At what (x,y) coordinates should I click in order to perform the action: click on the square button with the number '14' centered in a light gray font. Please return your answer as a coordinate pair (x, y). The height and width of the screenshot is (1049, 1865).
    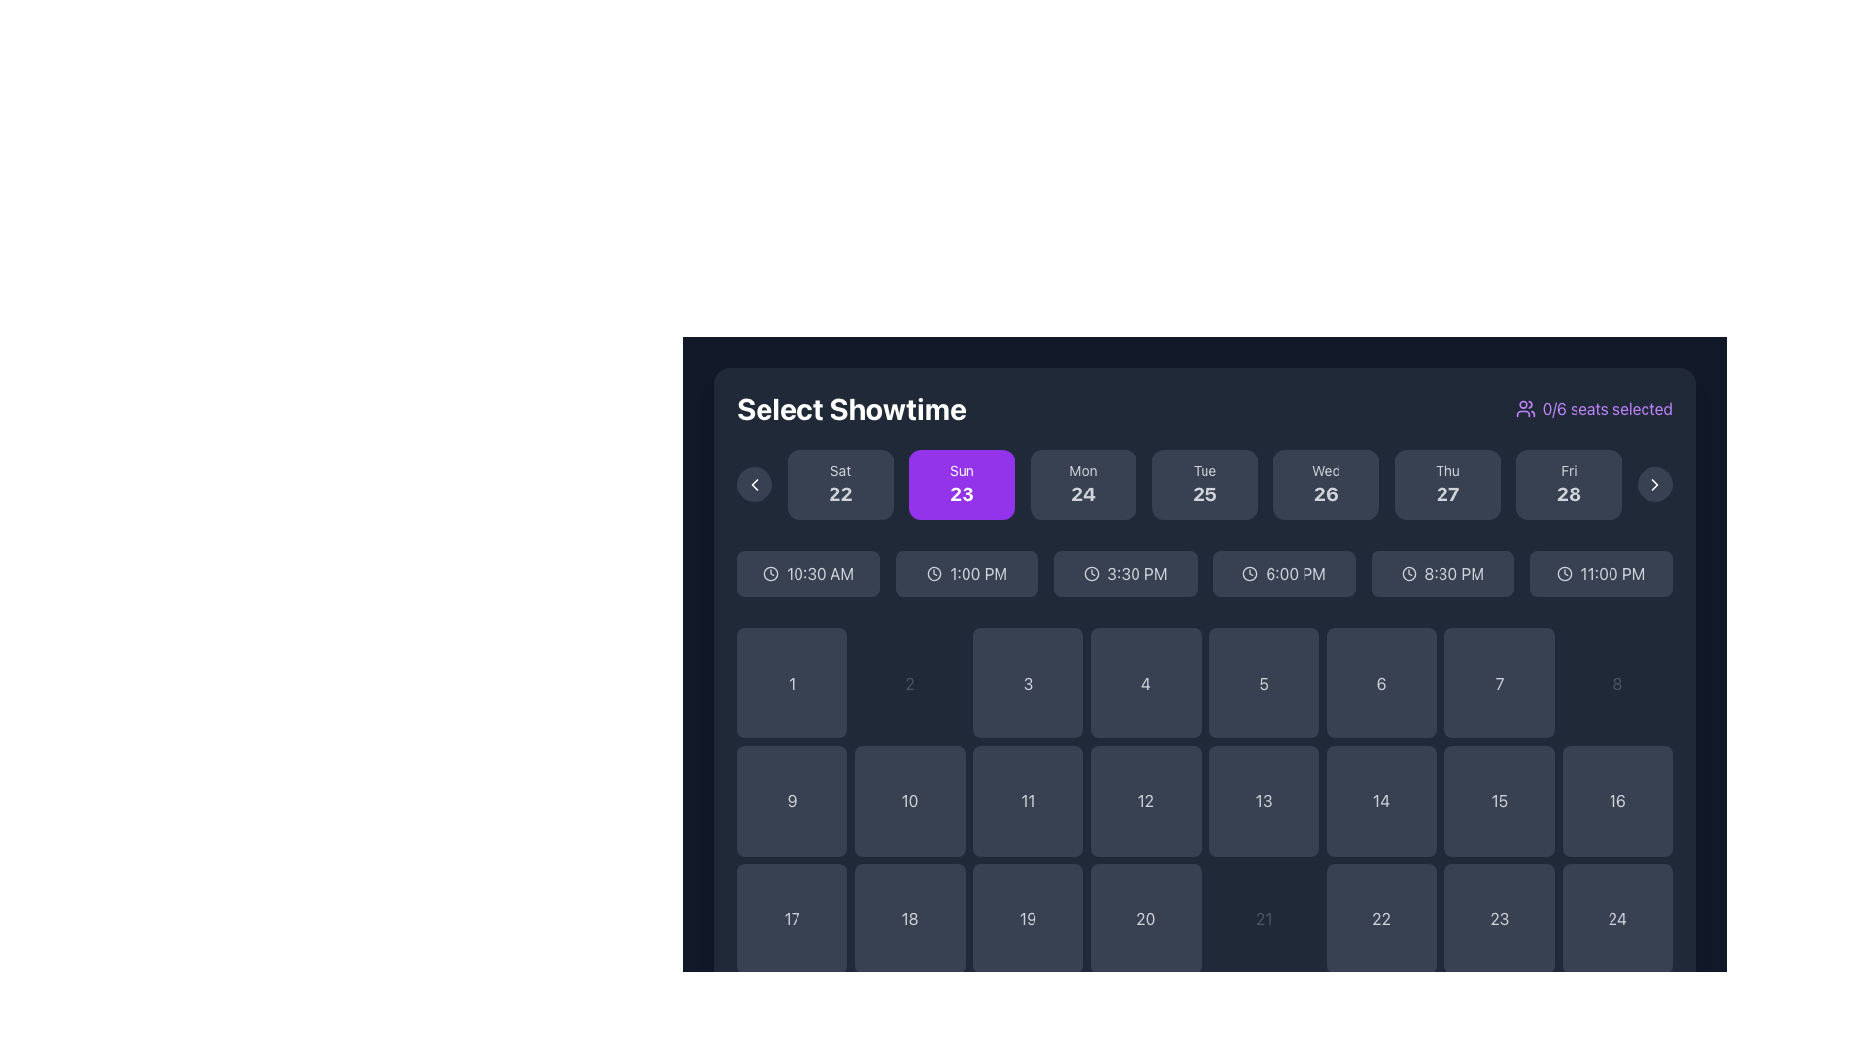
    Looking at the image, I should click on (1380, 801).